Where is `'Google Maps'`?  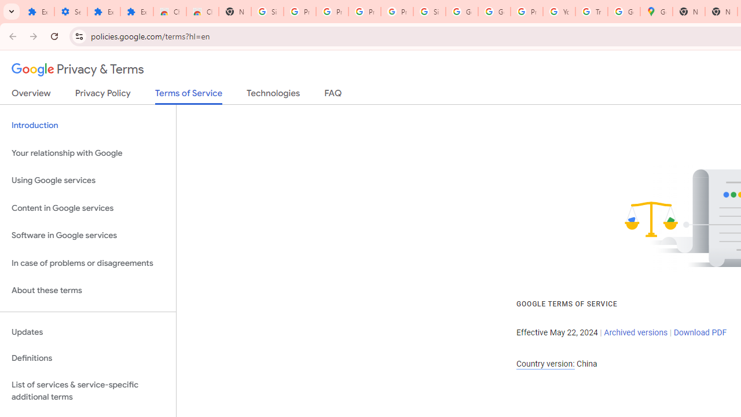
'Google Maps' is located at coordinates (656, 12).